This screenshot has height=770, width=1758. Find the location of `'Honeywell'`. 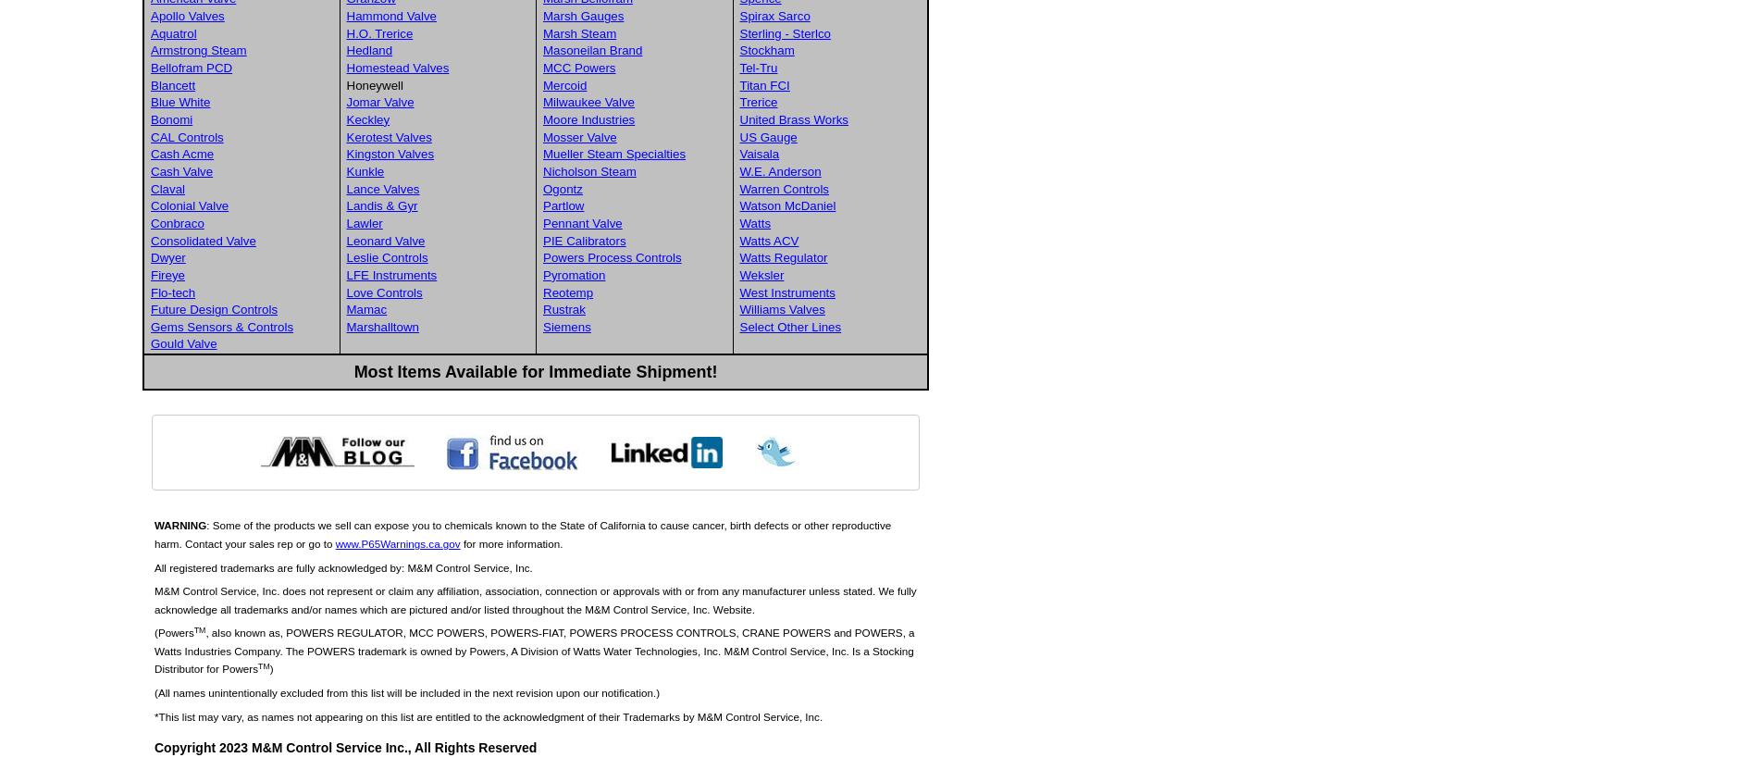

'Honeywell' is located at coordinates (374, 83).